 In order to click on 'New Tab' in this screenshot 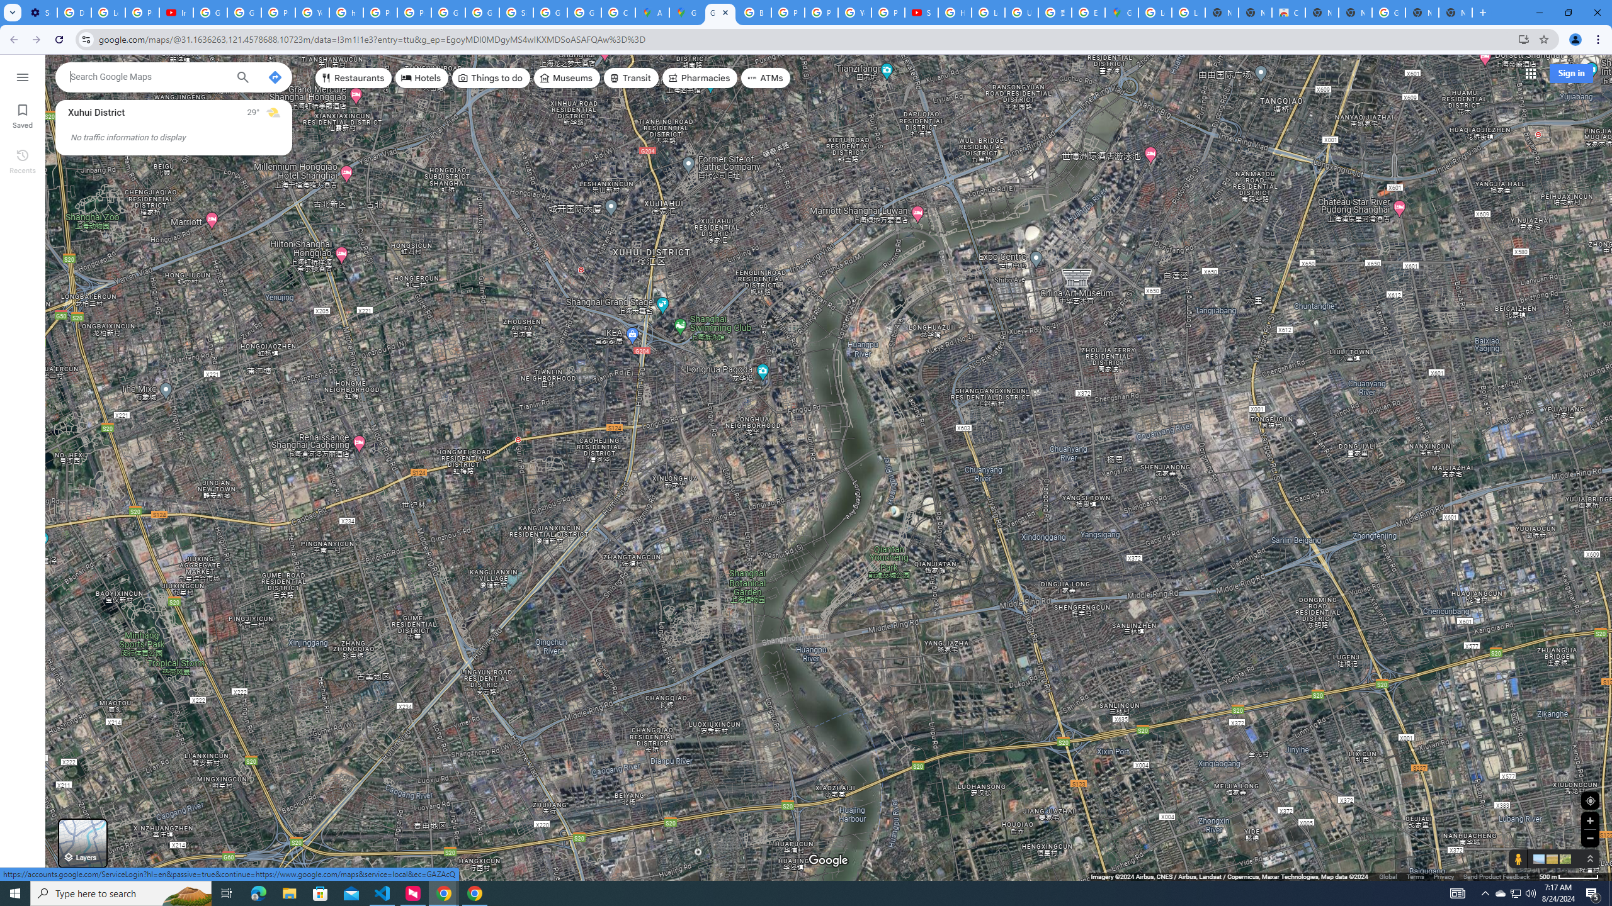, I will do `click(1455, 12)`.